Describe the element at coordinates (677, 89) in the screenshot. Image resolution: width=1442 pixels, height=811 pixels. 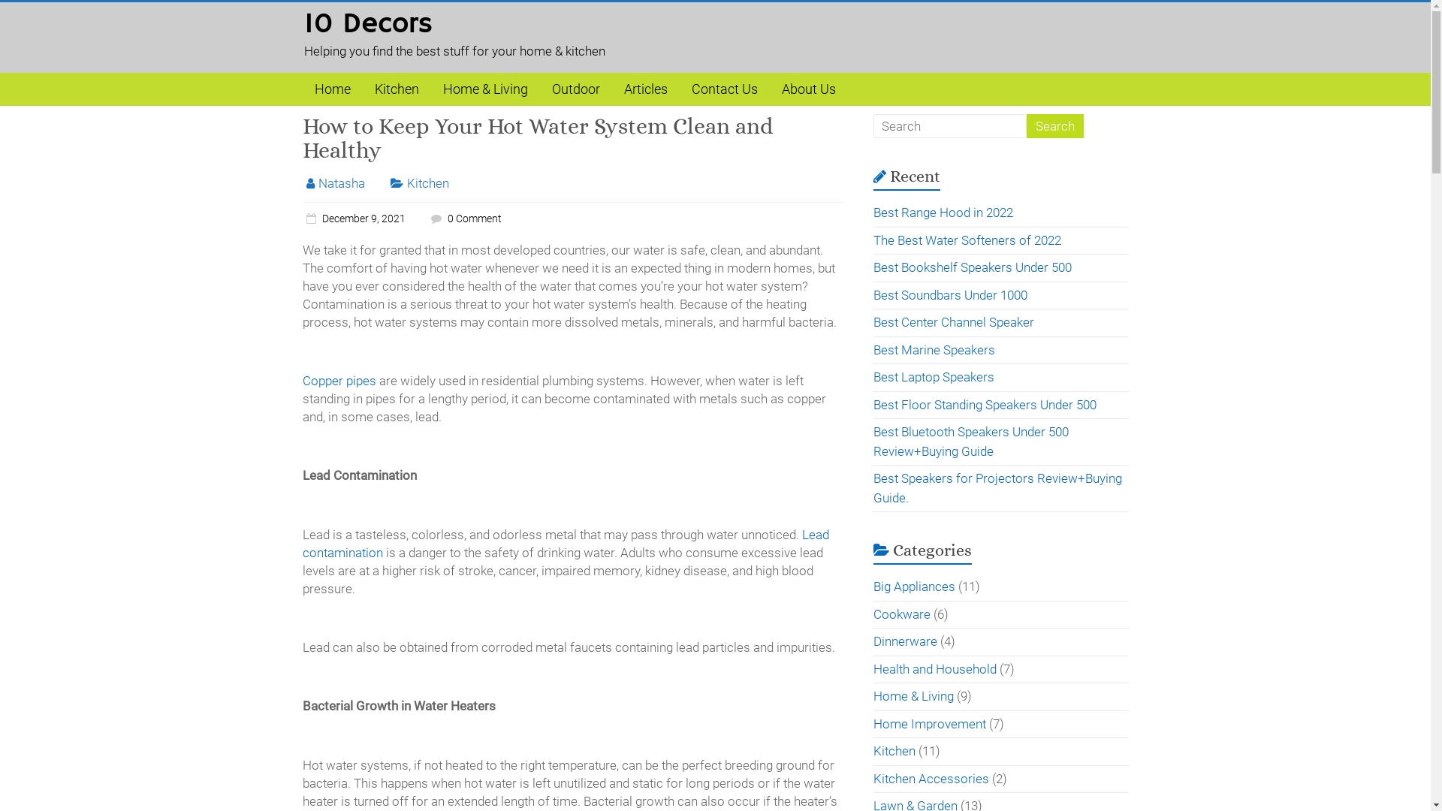
I see `'Contact Us'` at that location.